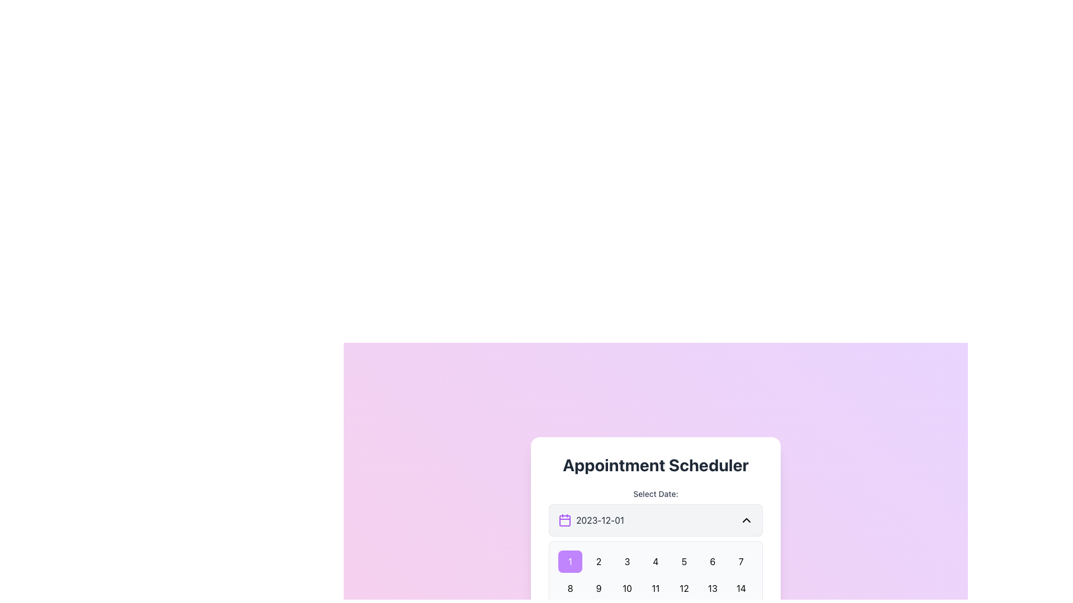  I want to click on the rounded rectangular button with the number '8' in the second row, first column of the date selector grid, so click(570, 588).